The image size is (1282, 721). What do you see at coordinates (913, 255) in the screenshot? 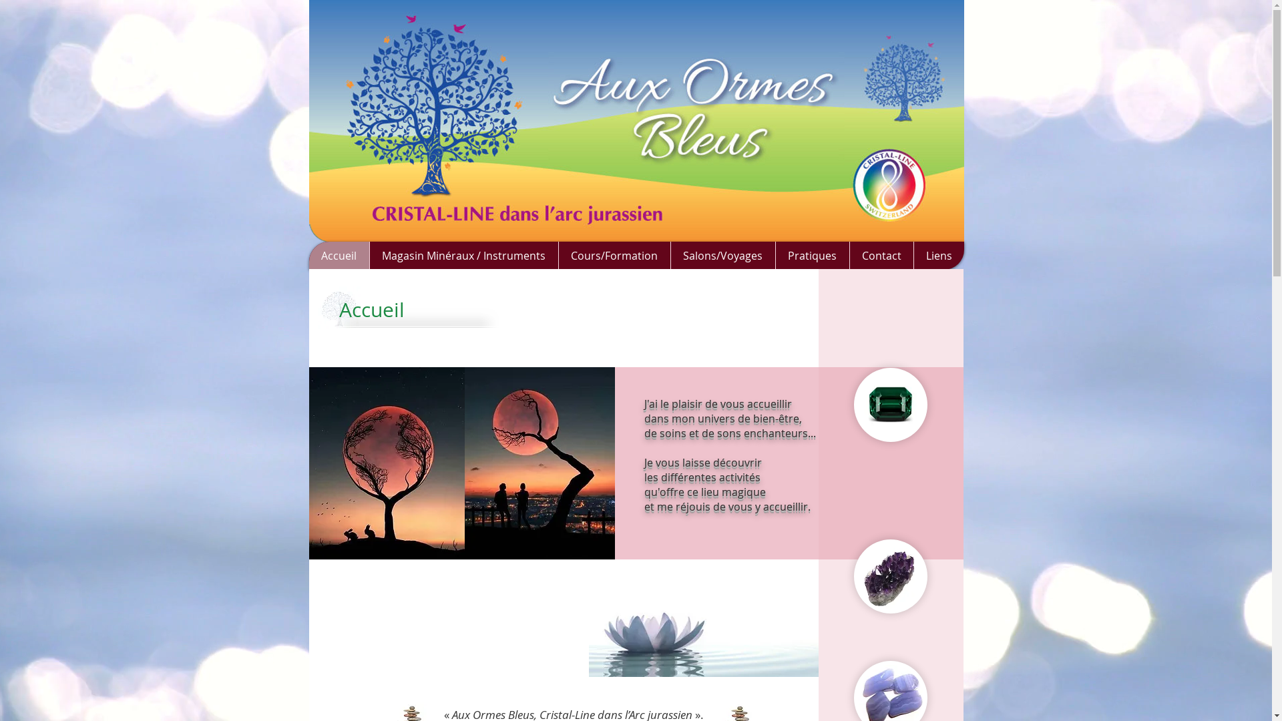
I see `'Liens'` at bounding box center [913, 255].